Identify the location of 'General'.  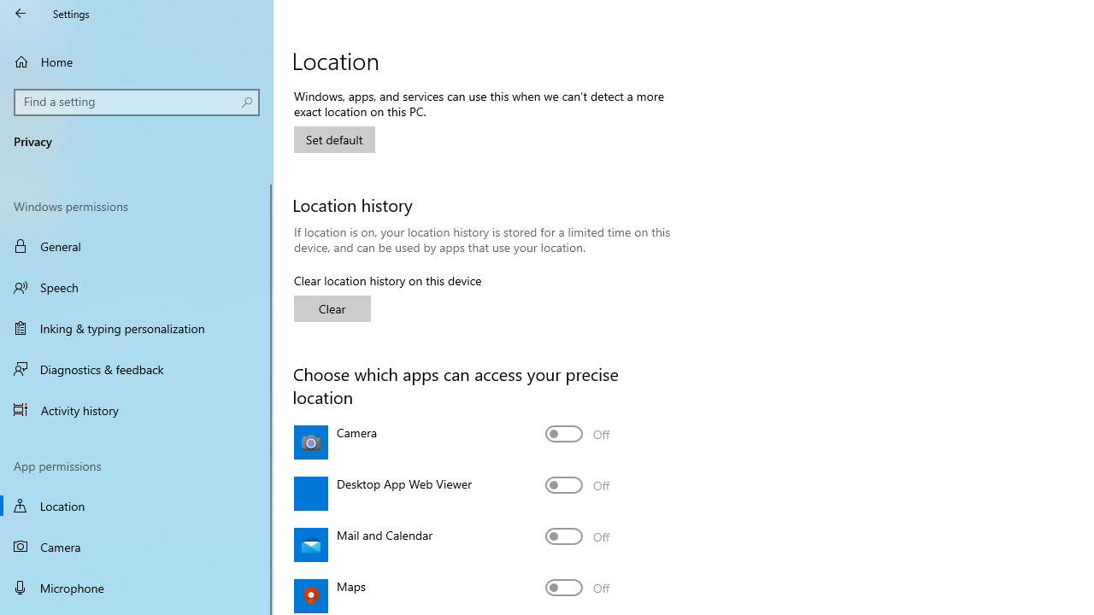
(137, 246).